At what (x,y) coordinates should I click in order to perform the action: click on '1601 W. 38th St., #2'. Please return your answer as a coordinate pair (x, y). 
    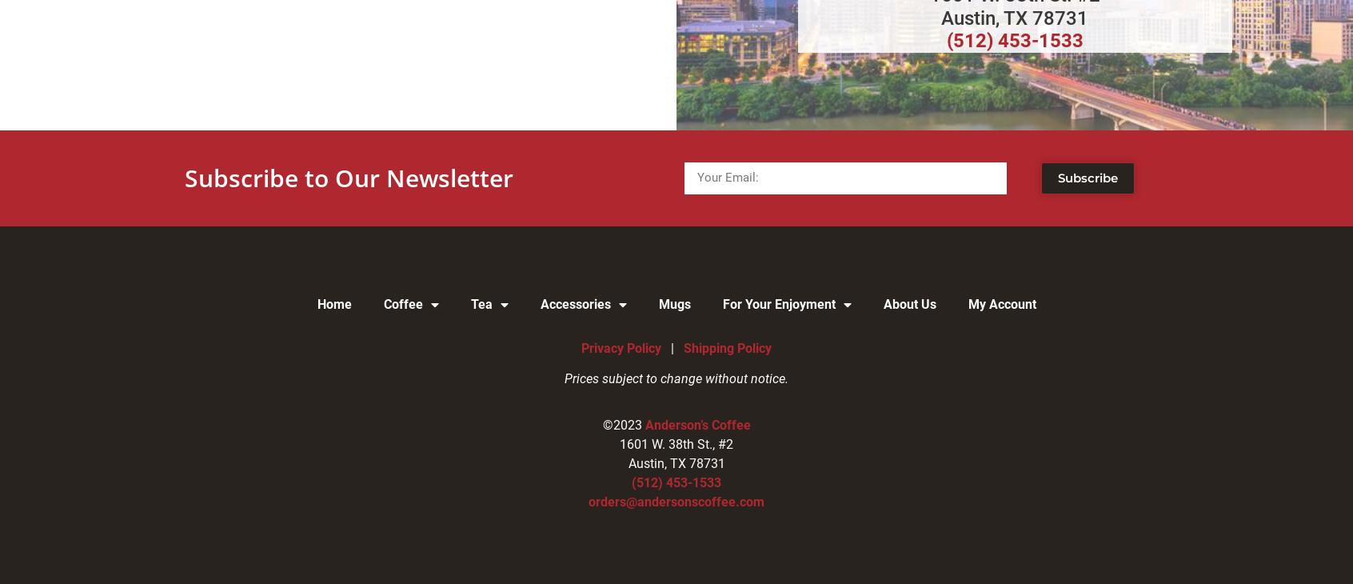
    Looking at the image, I should click on (676, 444).